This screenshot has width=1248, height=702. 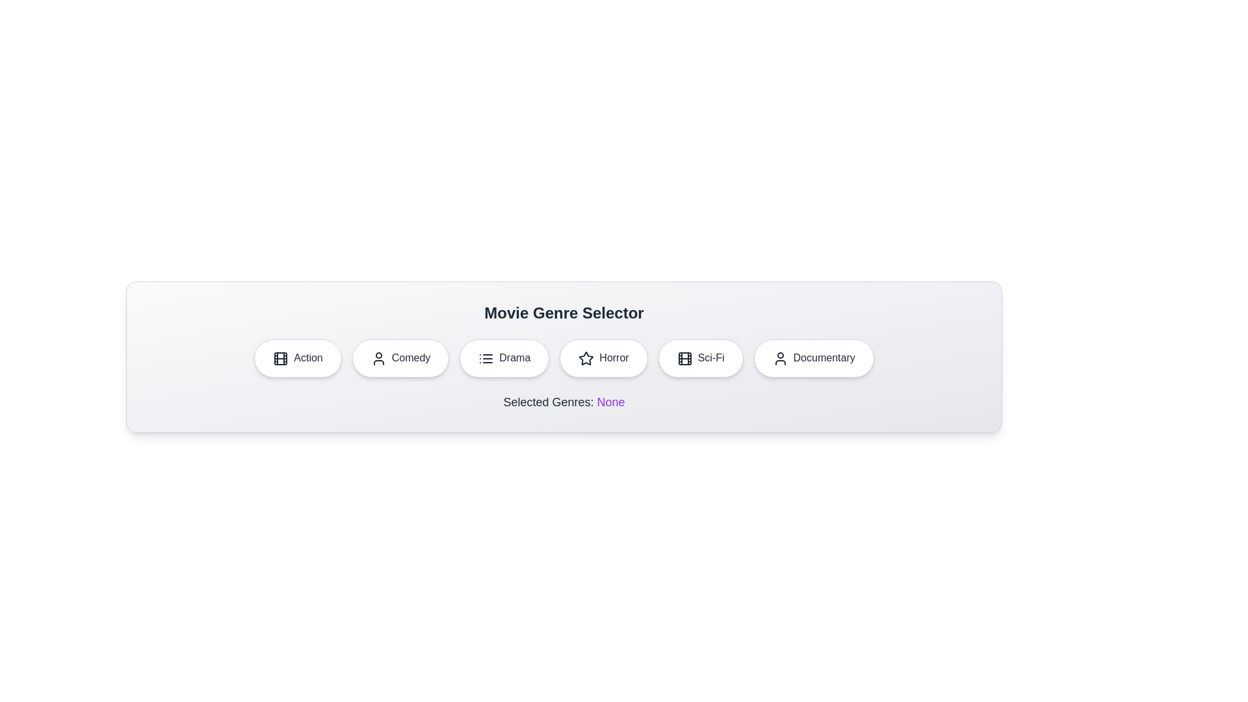 I want to click on the 'Comedy' genre selection button, which is the second button from the left, positioned between the 'Action' button and the 'Drama' button, so click(x=400, y=358).